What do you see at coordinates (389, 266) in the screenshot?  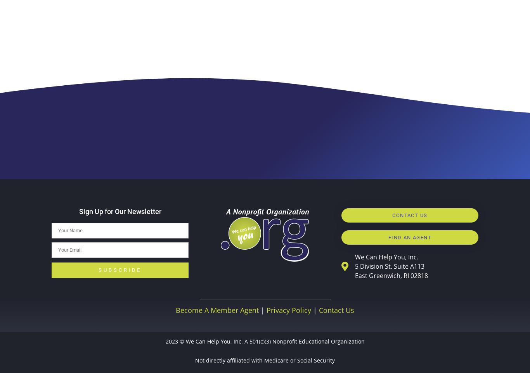 I see `'5 Division St. Suite A113'` at bounding box center [389, 266].